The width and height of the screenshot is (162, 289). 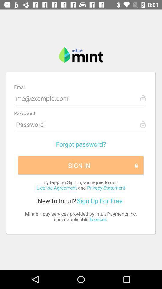 What do you see at coordinates (81, 124) in the screenshot?
I see `tipe password` at bounding box center [81, 124].